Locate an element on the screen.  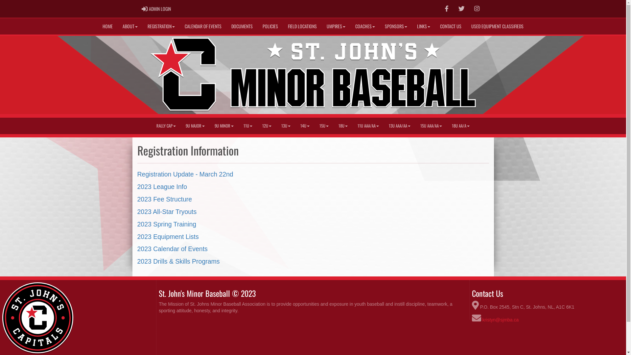
'like us' is located at coordinates (446, 9).